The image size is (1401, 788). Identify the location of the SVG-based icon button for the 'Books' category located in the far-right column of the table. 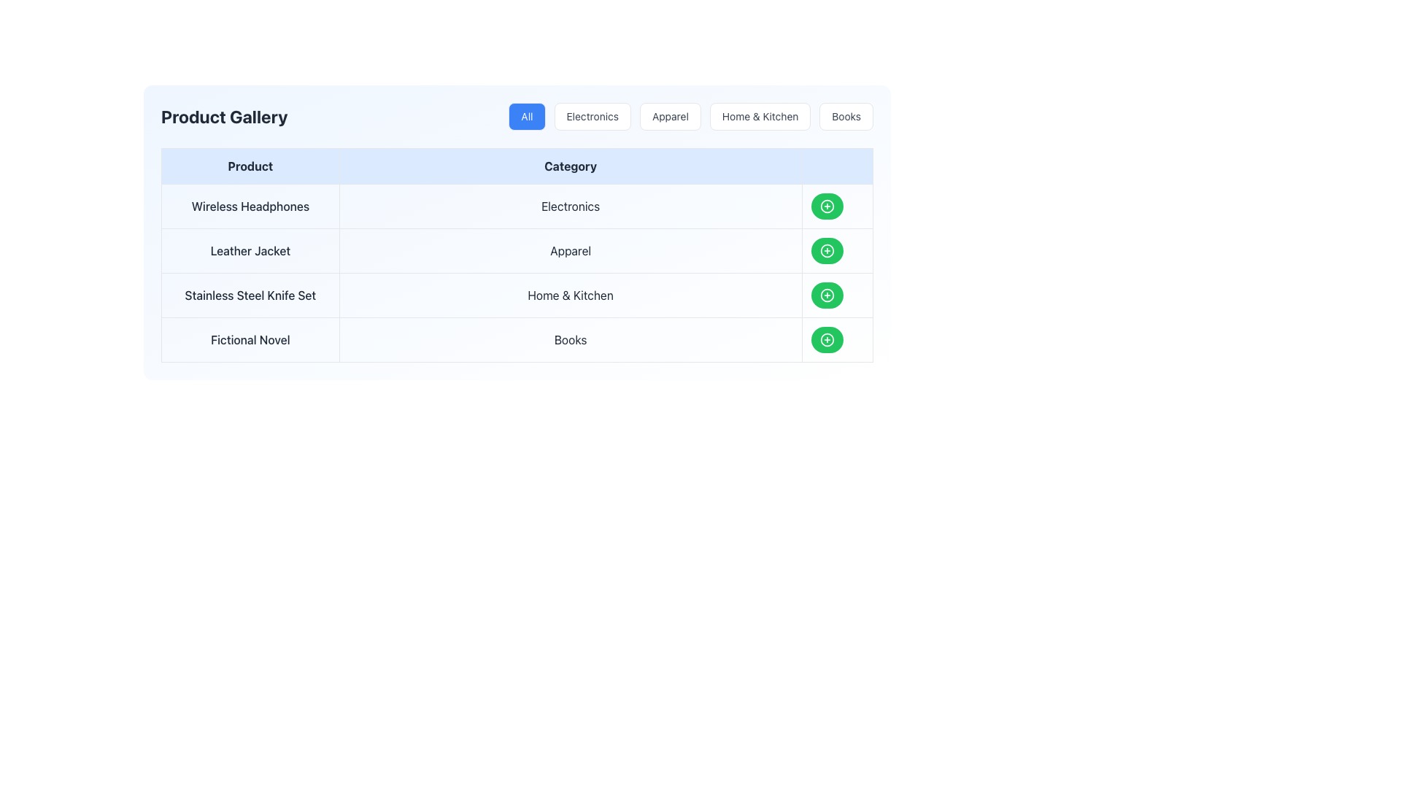
(827, 340).